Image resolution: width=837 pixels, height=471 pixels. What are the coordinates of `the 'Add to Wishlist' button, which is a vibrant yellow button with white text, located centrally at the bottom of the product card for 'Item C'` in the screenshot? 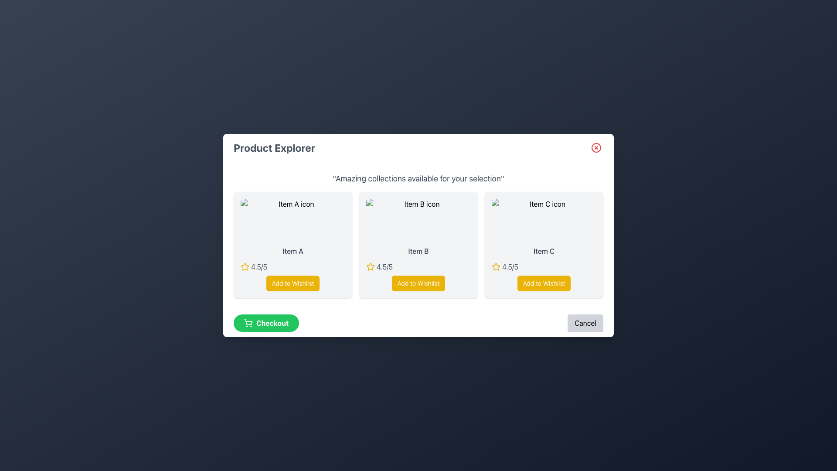 It's located at (544, 283).